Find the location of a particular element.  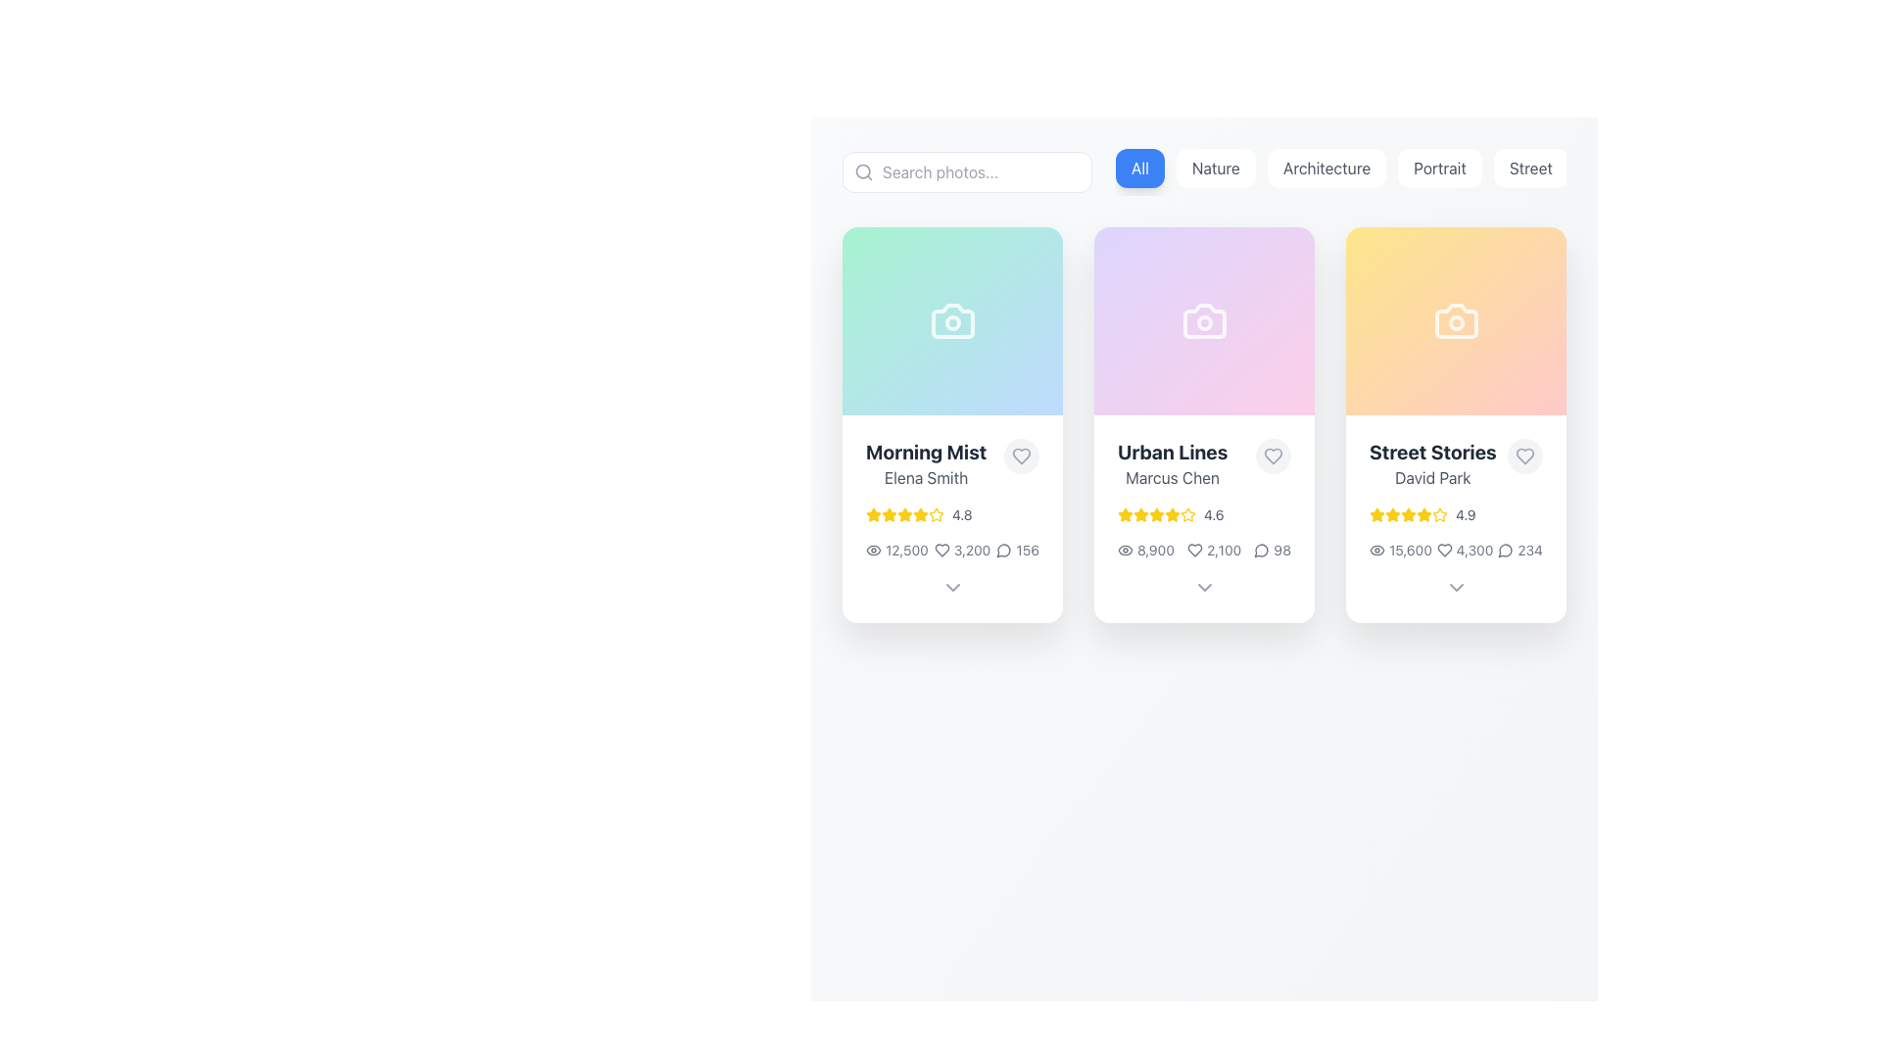

the text label reading 'Street Stories' styled with bold font and dark gray color, which is located at the top of the rightmost card in a horizontal list of three cards, above the name 'David Park' is located at coordinates (1432, 453).